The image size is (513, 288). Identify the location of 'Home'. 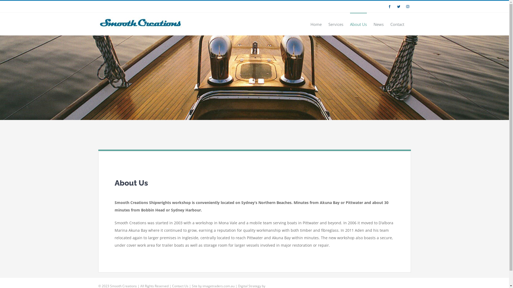
(316, 23).